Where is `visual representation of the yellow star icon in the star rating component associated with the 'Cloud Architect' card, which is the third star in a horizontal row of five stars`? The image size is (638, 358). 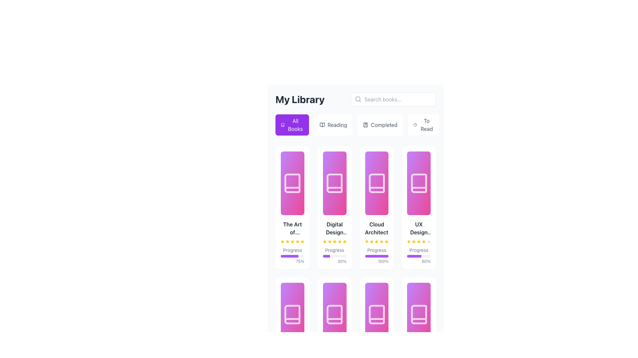
visual representation of the yellow star icon in the star rating component associated with the 'Cloud Architect' card, which is the third star in a horizontal row of five stars is located at coordinates (371, 242).